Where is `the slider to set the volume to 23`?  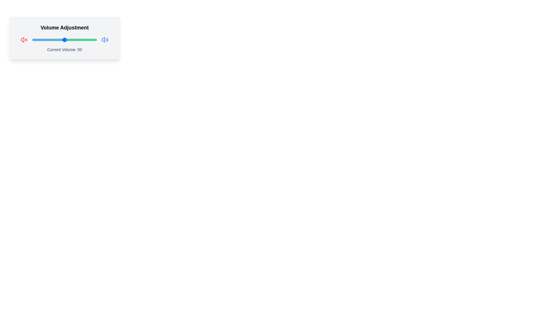 the slider to set the volume to 23 is located at coordinates (47, 40).